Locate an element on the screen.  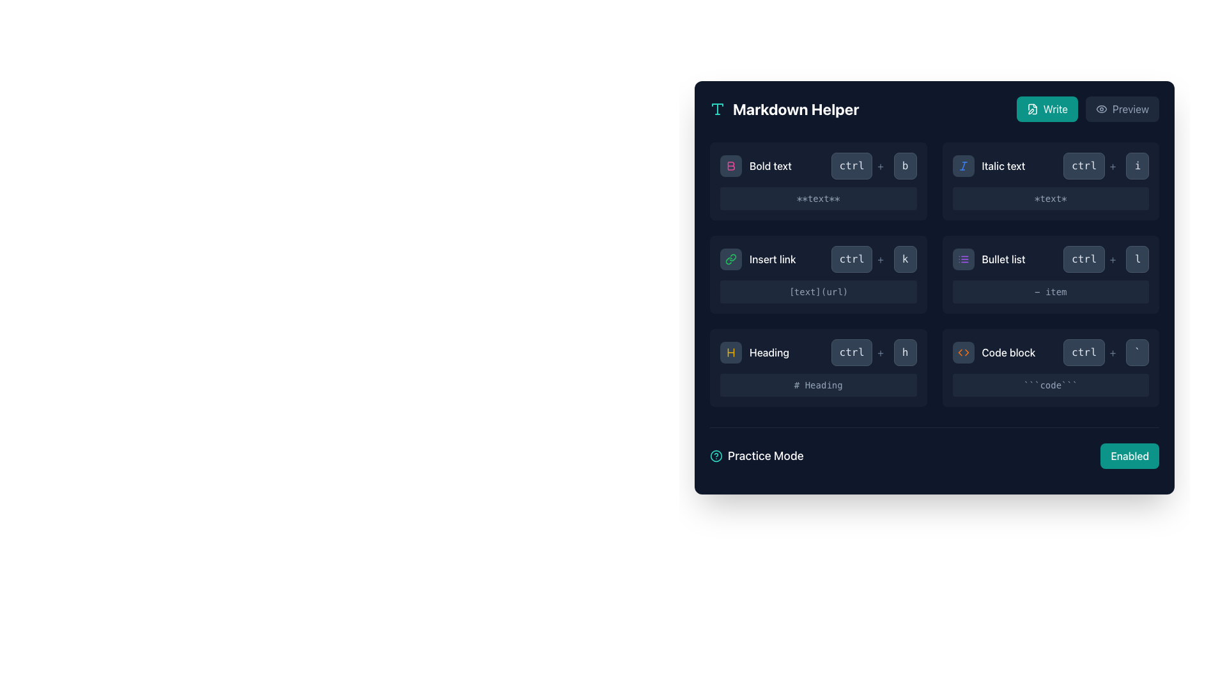
the Text heading element, which serves as the title for the current interface section, located at the top-left corner of the central UI panel is located at coordinates (795, 108).